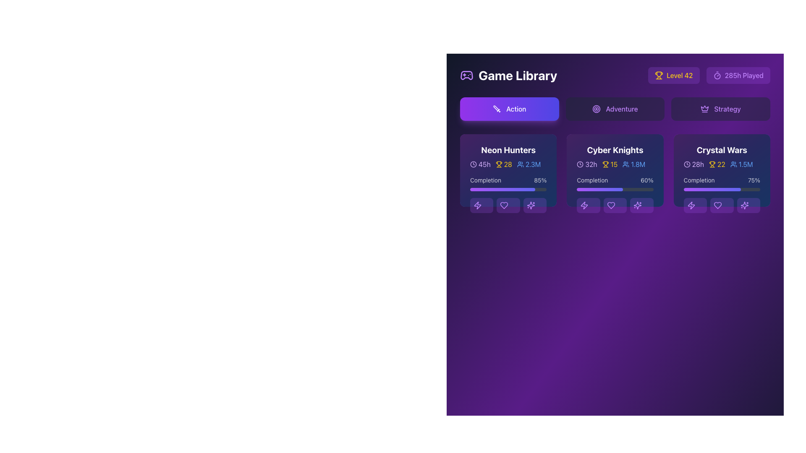  What do you see at coordinates (721, 164) in the screenshot?
I see `the informational display component in the 'Crystal Wars' card, which shows the text '28h' in purple, a clock icon, the text '22' in gold with a trophy icon, and '1.5M' in blue with a user icon` at bounding box center [721, 164].